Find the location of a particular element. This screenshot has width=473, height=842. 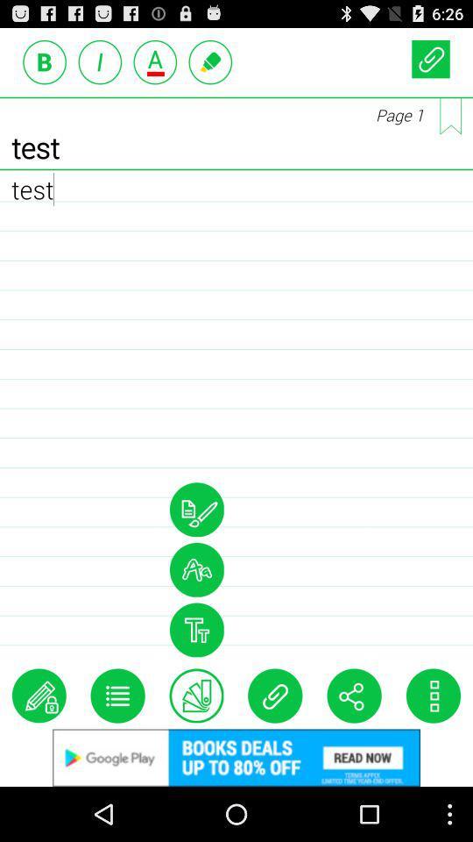

change font is located at coordinates (195, 568).